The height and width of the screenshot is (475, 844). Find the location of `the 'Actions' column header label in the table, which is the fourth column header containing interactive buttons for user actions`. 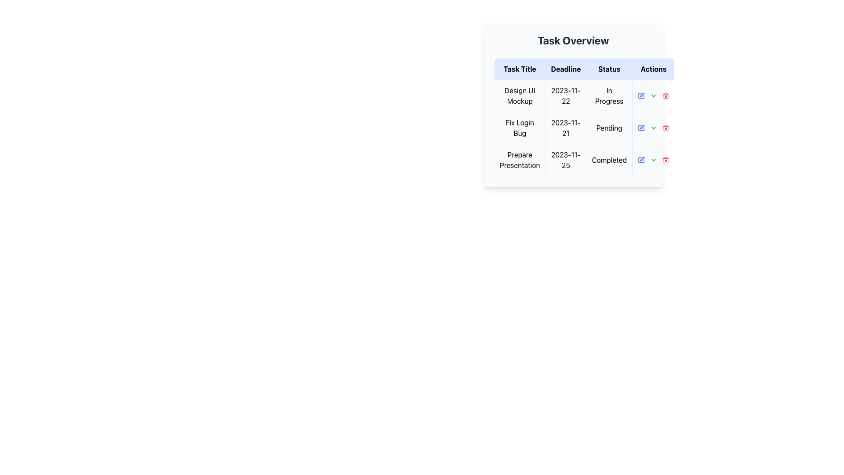

the 'Actions' column header label in the table, which is the fourth column header containing interactive buttons for user actions is located at coordinates (654, 69).